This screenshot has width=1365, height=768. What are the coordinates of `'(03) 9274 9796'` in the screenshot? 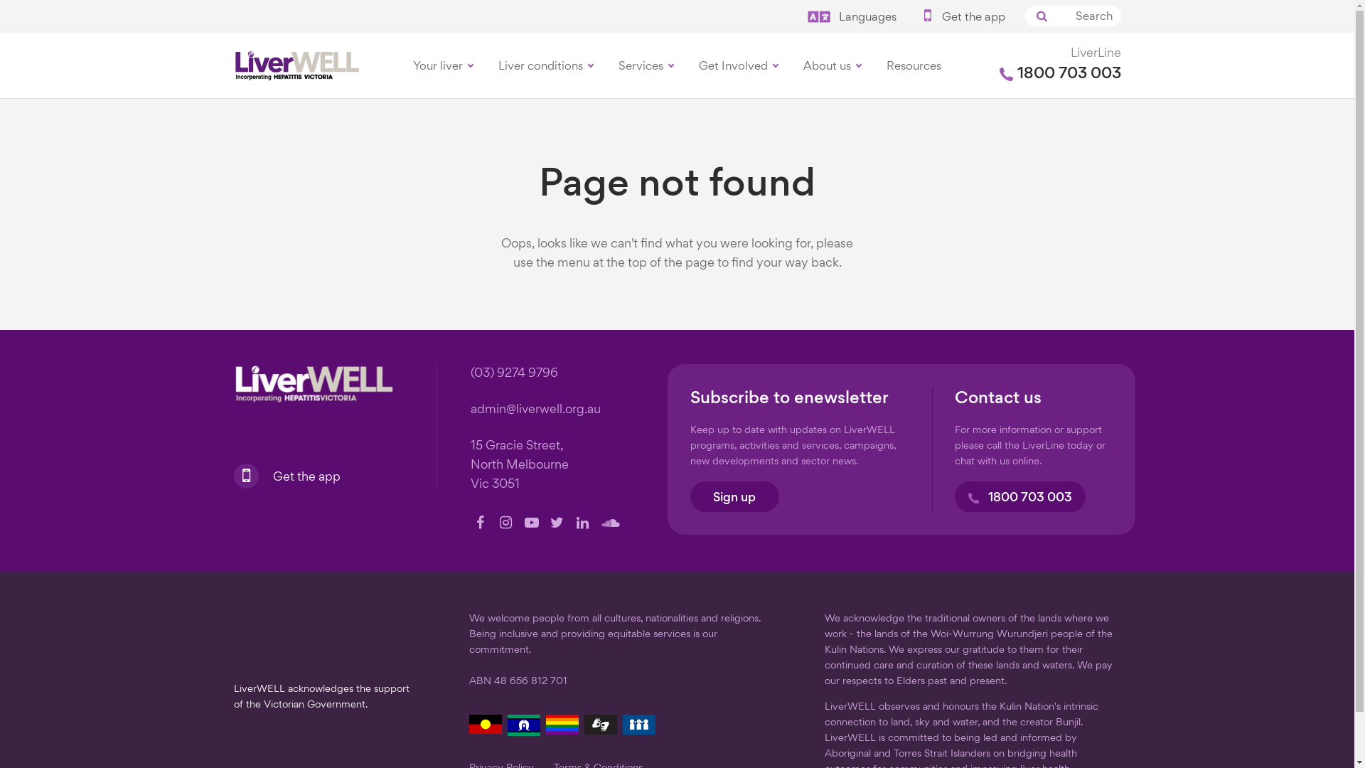 It's located at (513, 373).